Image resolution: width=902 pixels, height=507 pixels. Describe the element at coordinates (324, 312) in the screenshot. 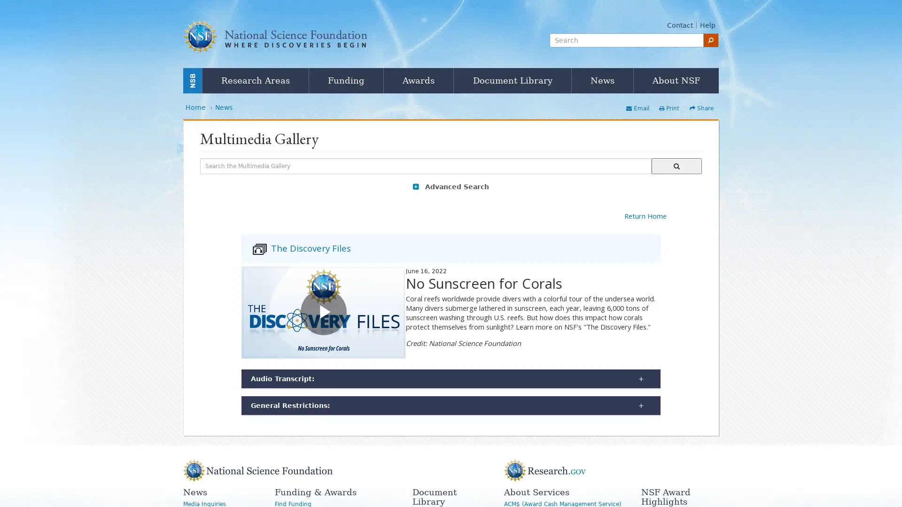

I see `video post` at that location.